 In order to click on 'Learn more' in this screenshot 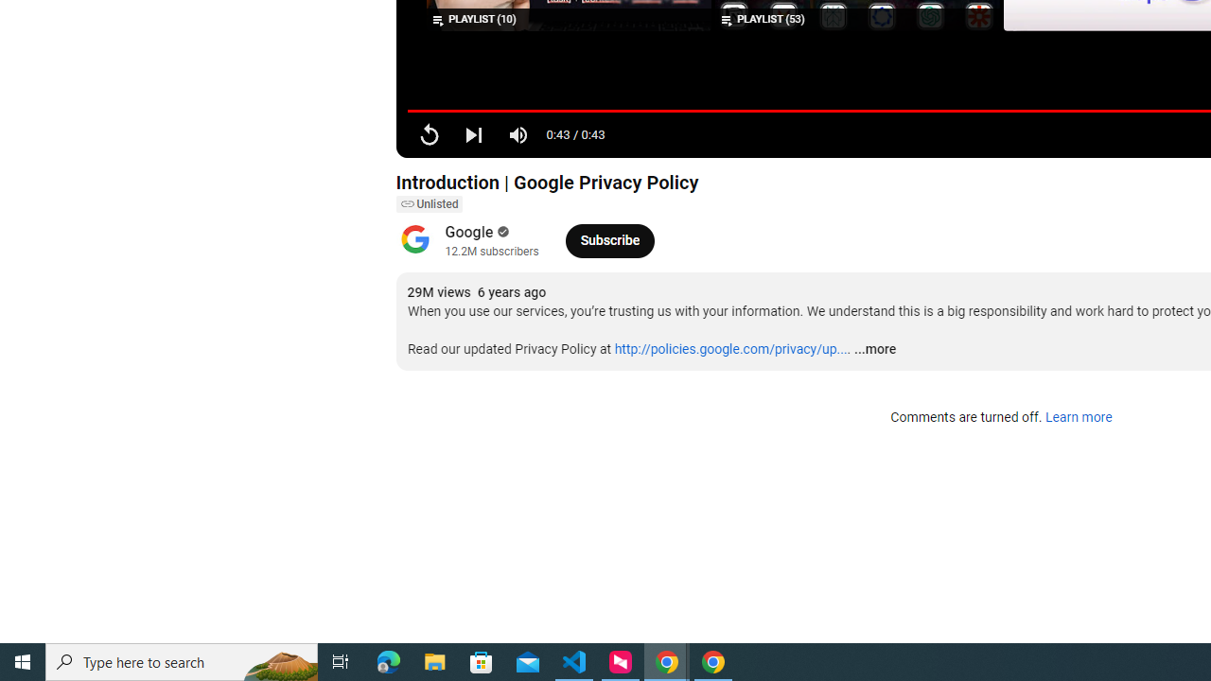, I will do `click(1078, 417)`.